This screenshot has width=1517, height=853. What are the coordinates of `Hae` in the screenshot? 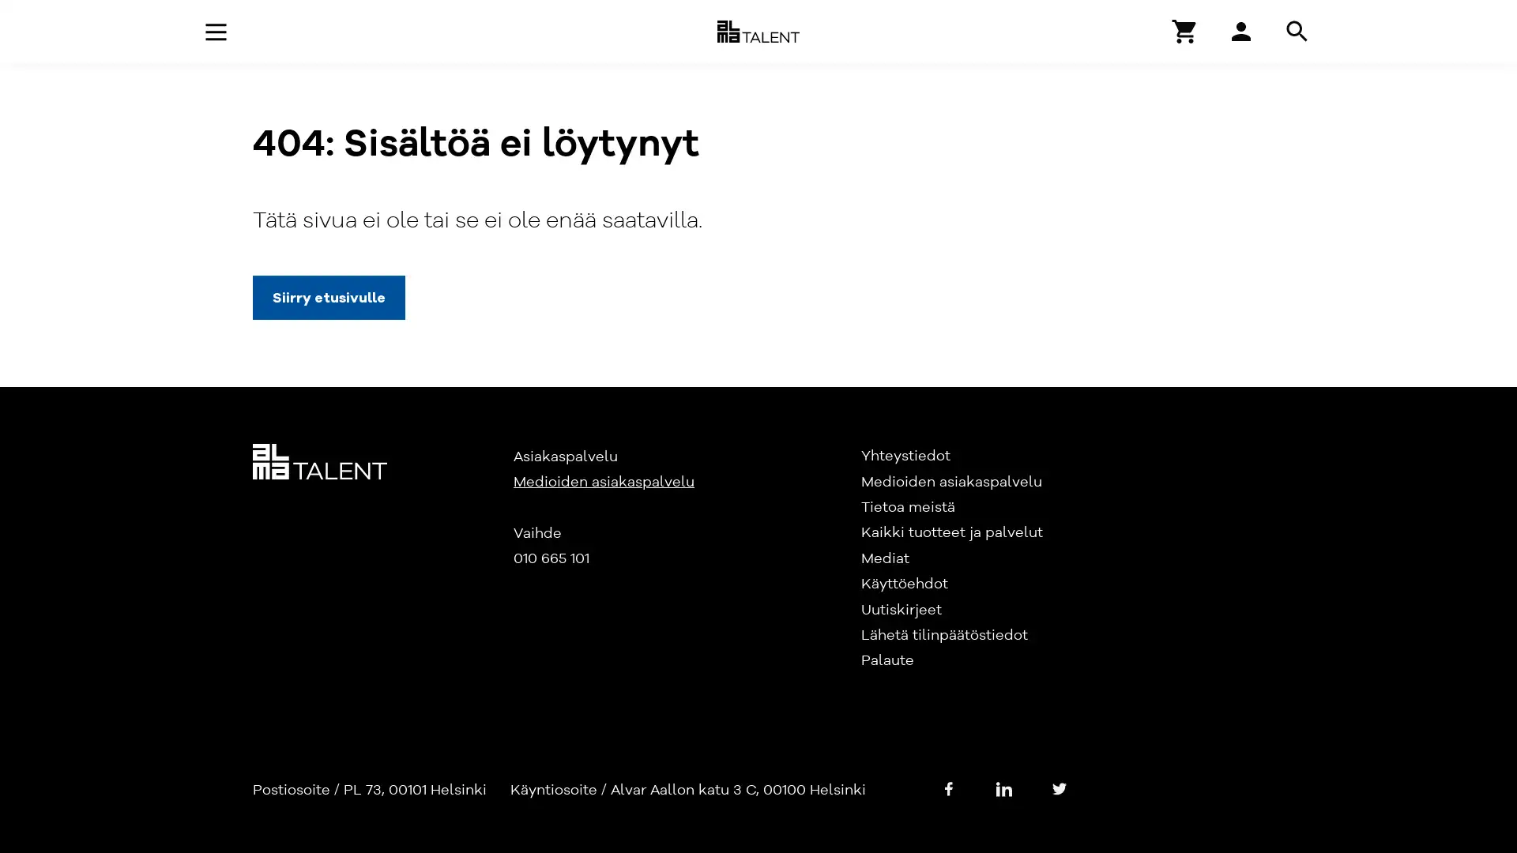 It's located at (1240, 31).